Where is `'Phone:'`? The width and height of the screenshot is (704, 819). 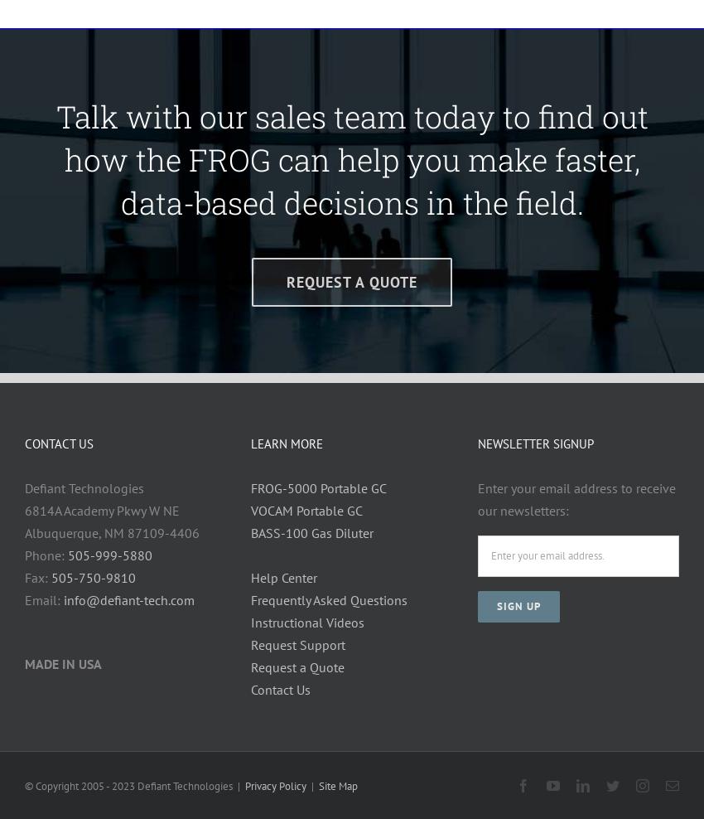 'Phone:' is located at coordinates (46, 553).